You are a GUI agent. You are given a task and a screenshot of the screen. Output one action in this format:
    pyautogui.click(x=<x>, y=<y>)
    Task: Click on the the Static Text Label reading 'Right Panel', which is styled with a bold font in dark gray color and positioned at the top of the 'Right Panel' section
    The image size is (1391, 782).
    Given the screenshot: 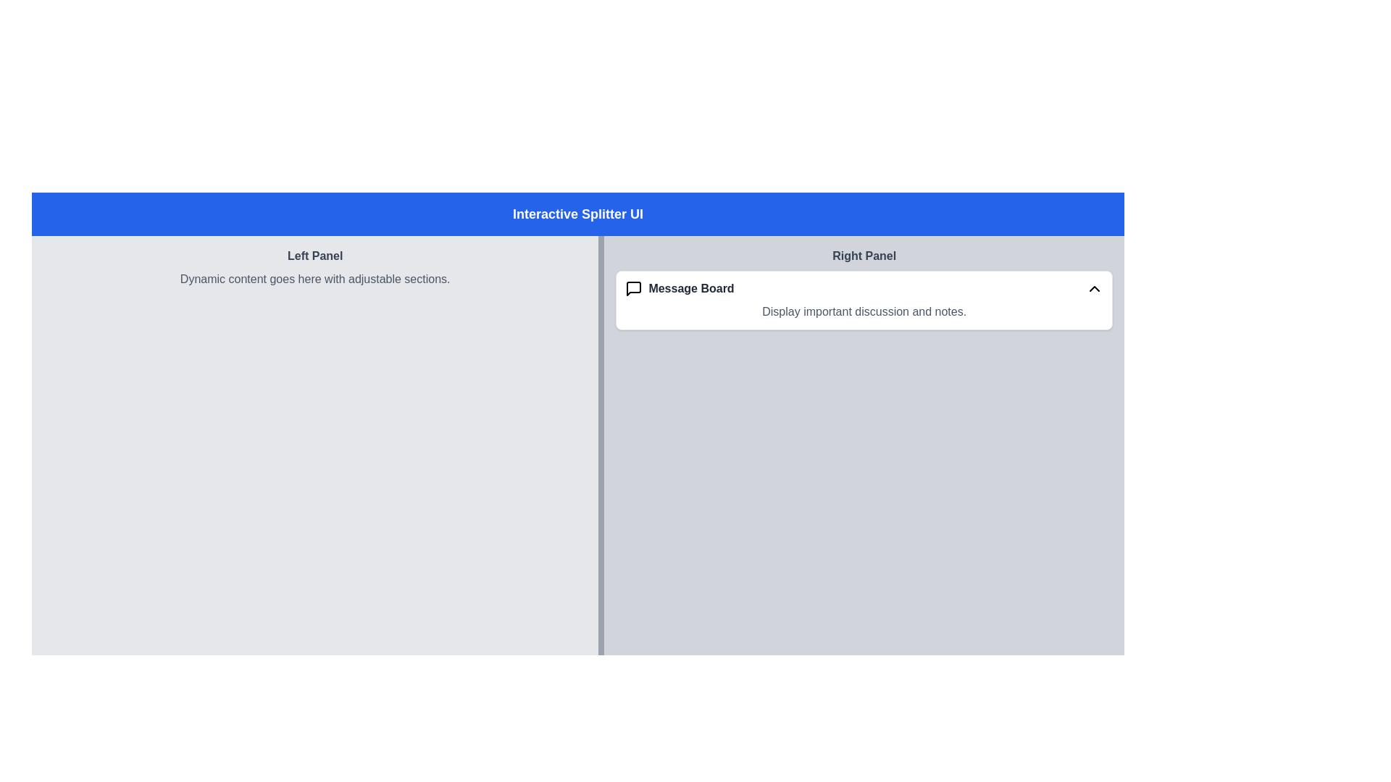 What is the action you would take?
    pyautogui.click(x=864, y=256)
    